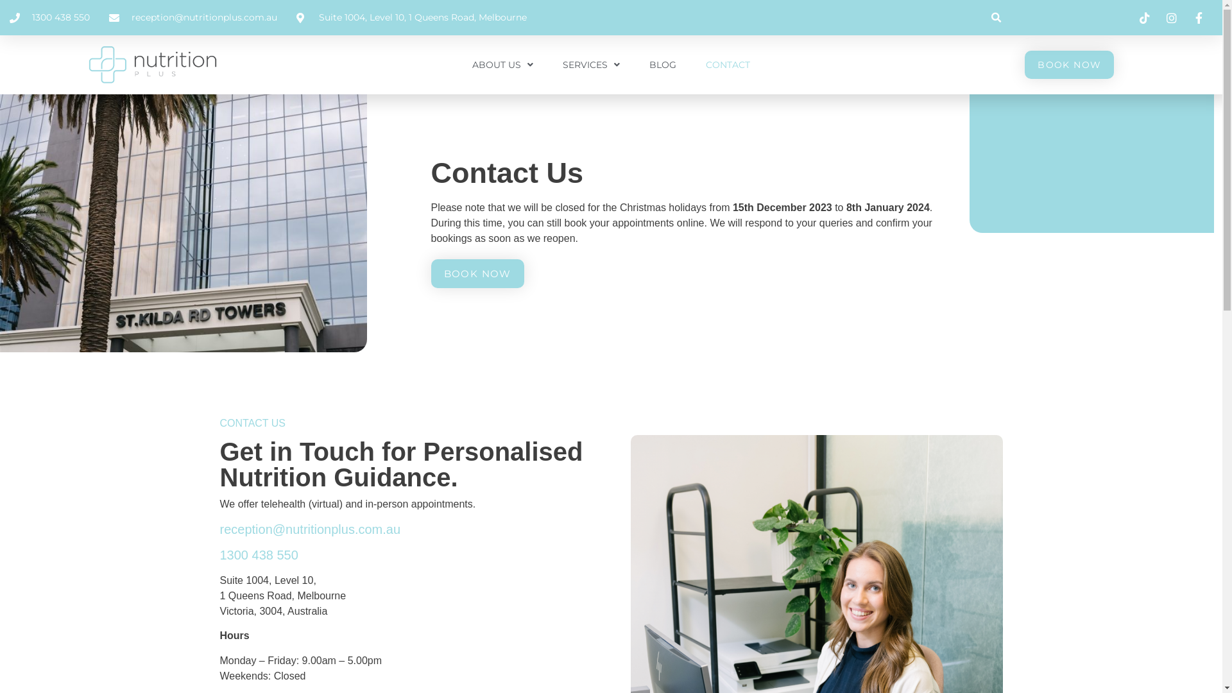 The width and height of the screenshot is (1232, 693). I want to click on 'BLOG', so click(662, 64).